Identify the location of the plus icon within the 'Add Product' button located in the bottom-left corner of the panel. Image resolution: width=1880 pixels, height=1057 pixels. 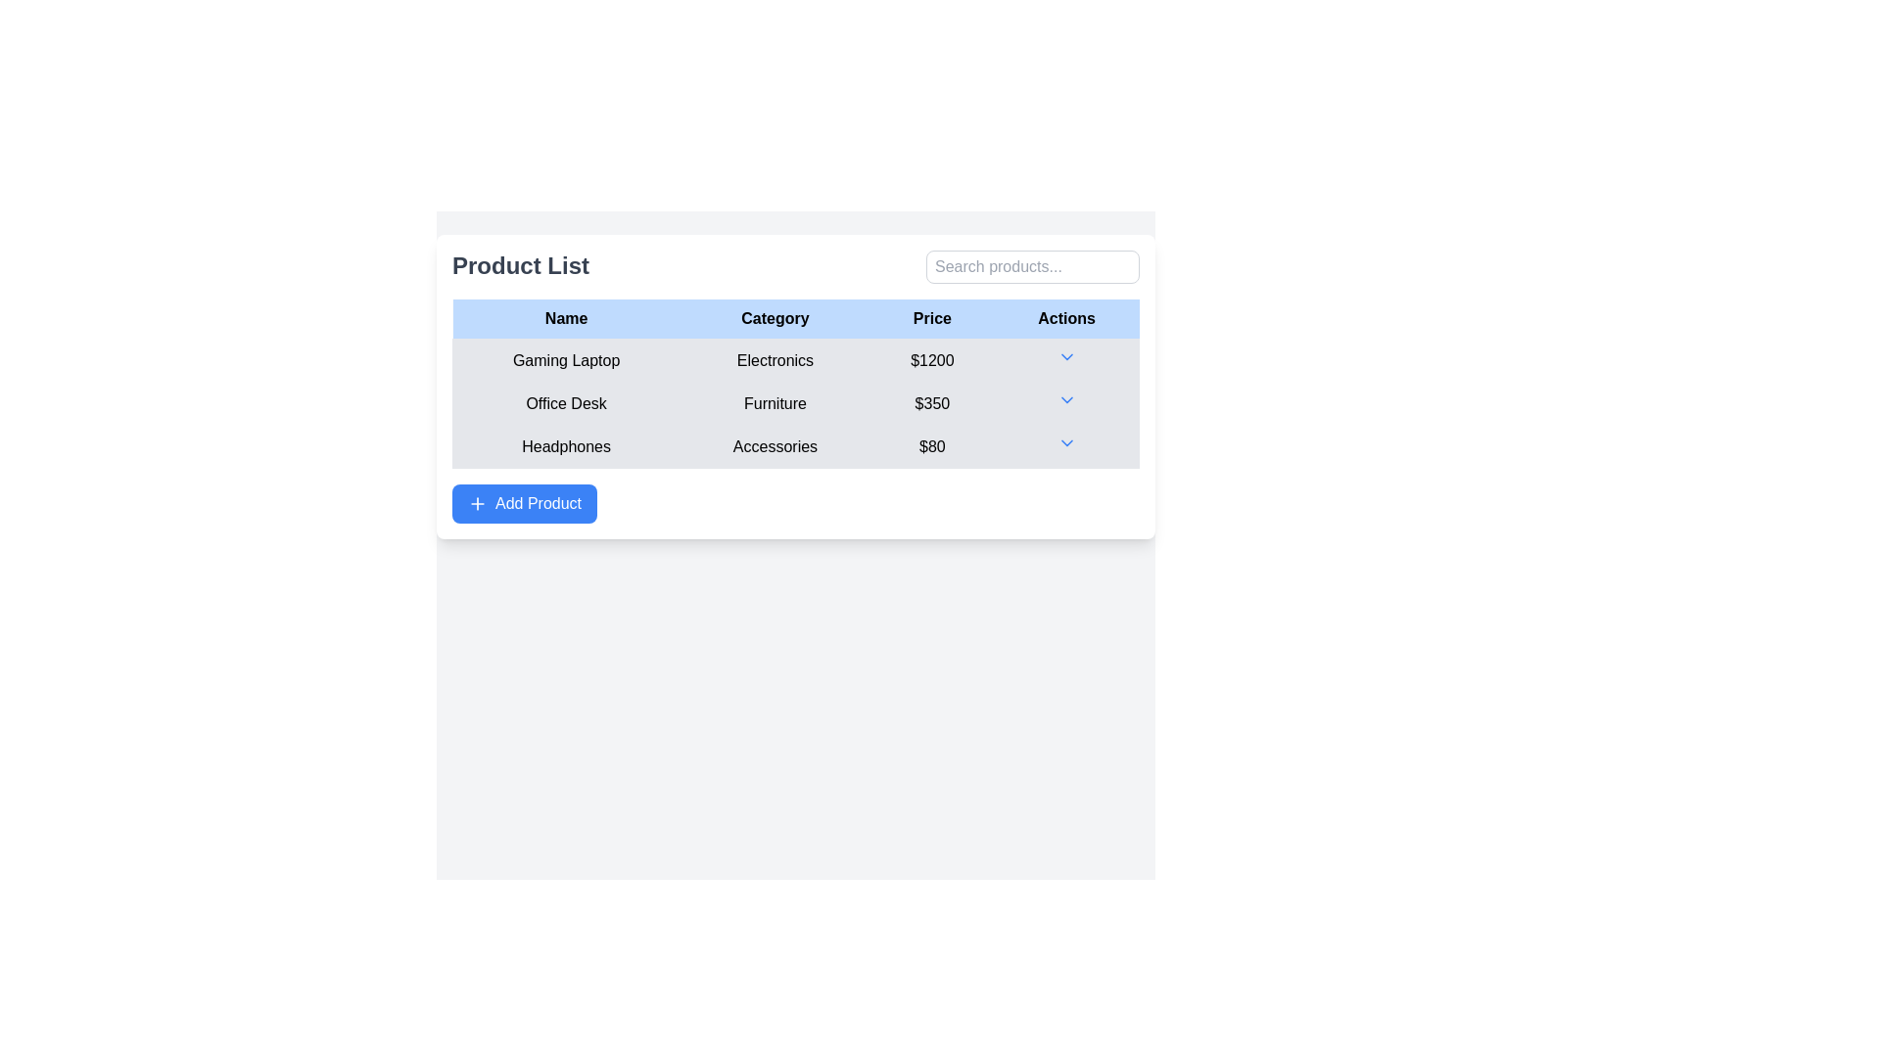
(478, 503).